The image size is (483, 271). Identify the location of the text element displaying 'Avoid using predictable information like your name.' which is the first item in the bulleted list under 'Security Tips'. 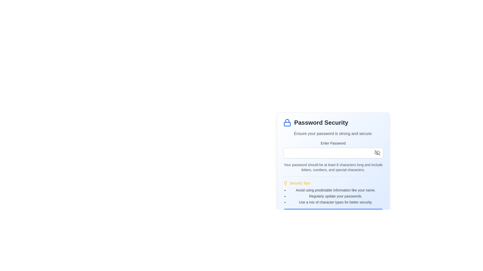
(336, 190).